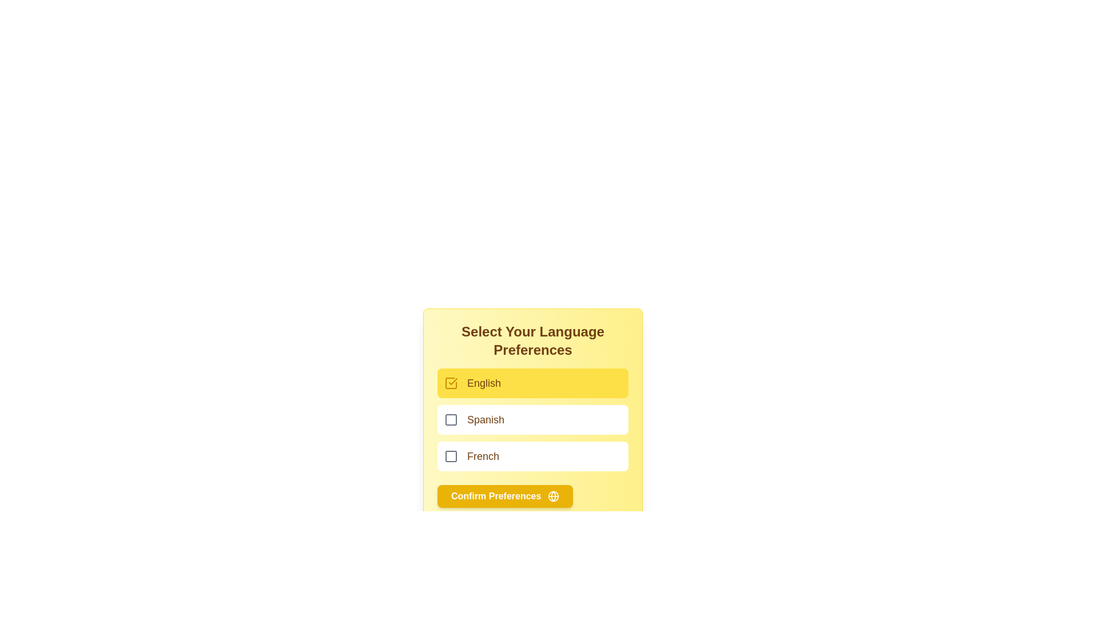 The image size is (1098, 617). Describe the element at coordinates (452, 381) in the screenshot. I see `the checkmark icon indicating the selection of the 'English' language option` at that location.